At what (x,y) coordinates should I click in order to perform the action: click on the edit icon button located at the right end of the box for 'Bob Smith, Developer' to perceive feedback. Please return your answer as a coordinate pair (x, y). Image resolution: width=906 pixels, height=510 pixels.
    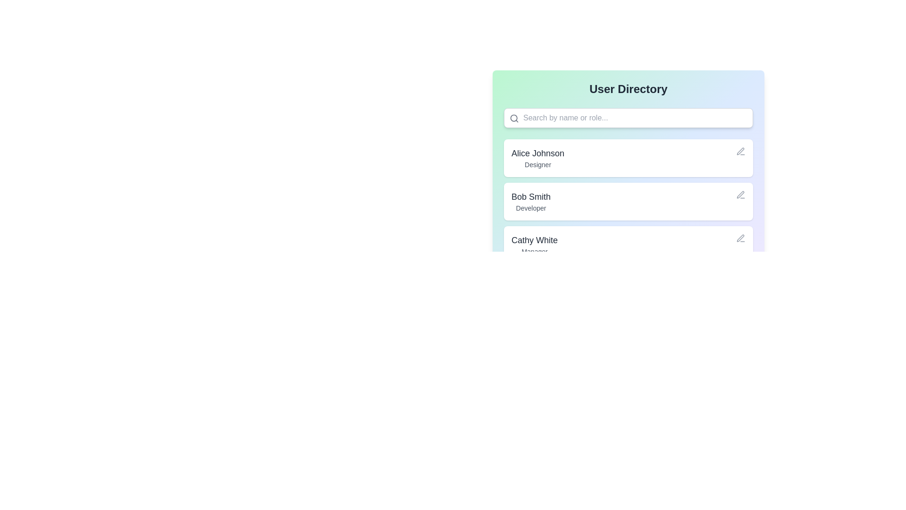
    Looking at the image, I should click on (740, 194).